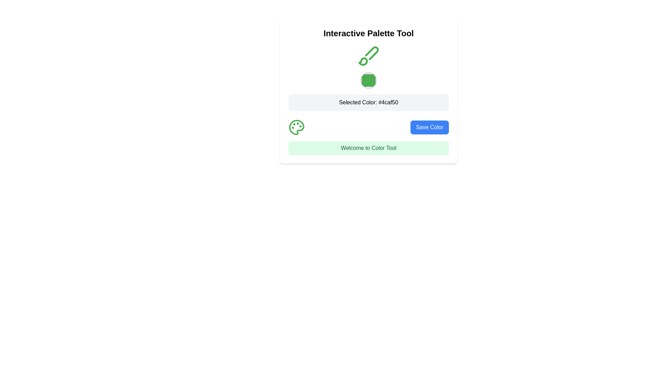 This screenshot has width=664, height=373. I want to click on the artist's palette icon outlined in green, located to the left of the 'Save Color' button, so click(297, 127).